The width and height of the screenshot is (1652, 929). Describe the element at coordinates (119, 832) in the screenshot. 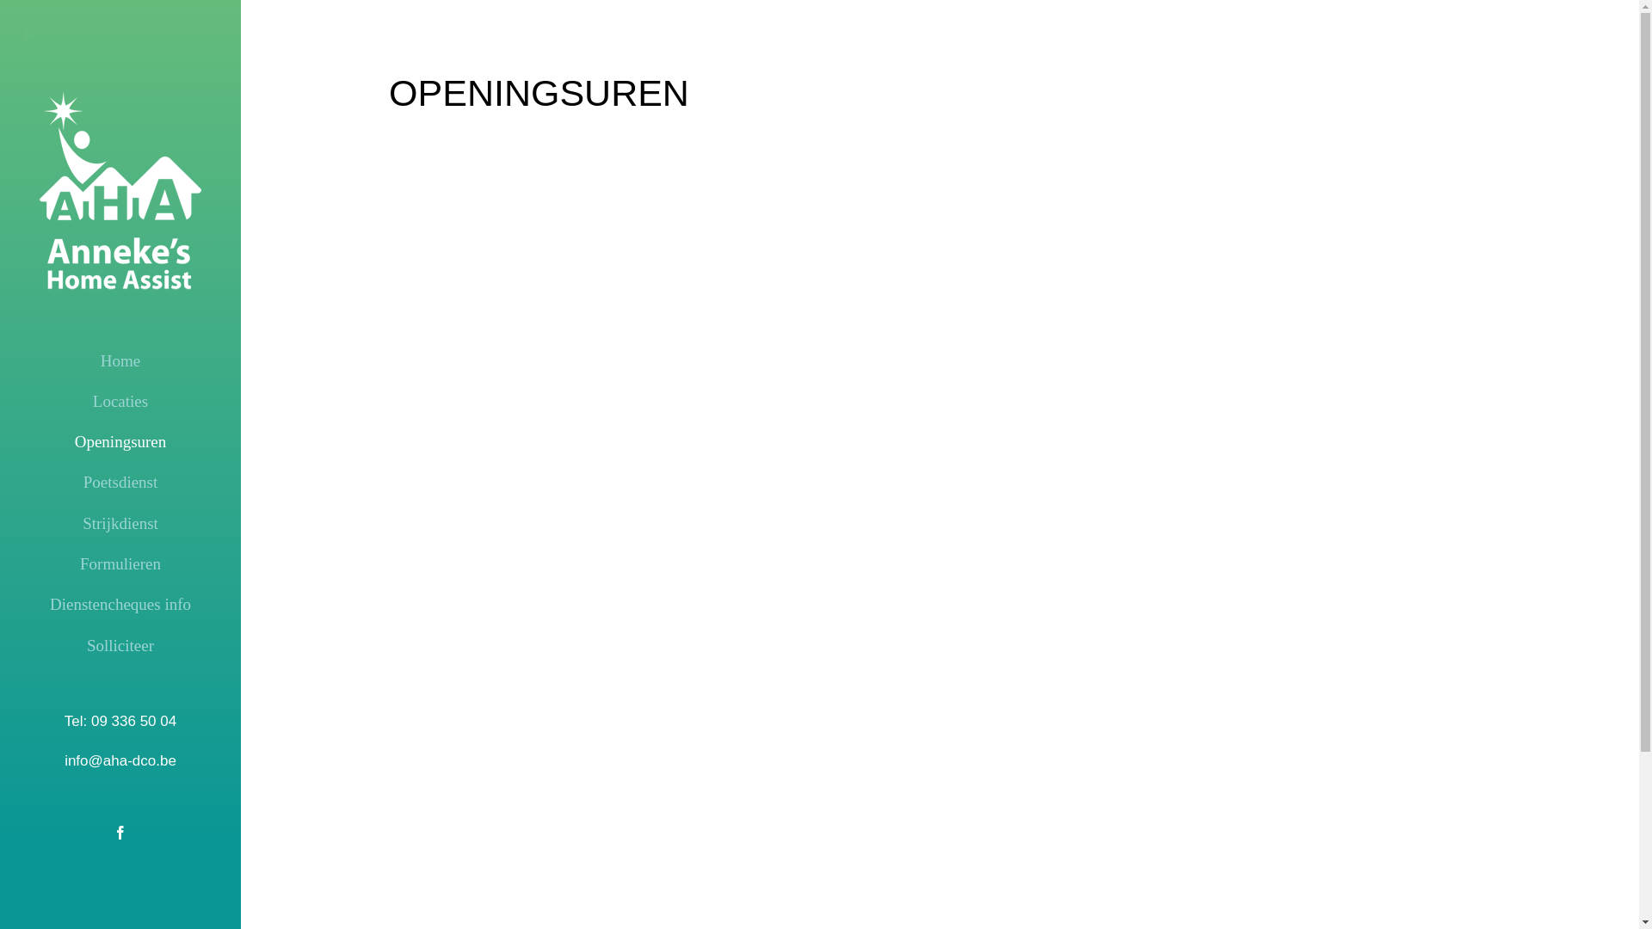

I see `'Facebook'` at that location.